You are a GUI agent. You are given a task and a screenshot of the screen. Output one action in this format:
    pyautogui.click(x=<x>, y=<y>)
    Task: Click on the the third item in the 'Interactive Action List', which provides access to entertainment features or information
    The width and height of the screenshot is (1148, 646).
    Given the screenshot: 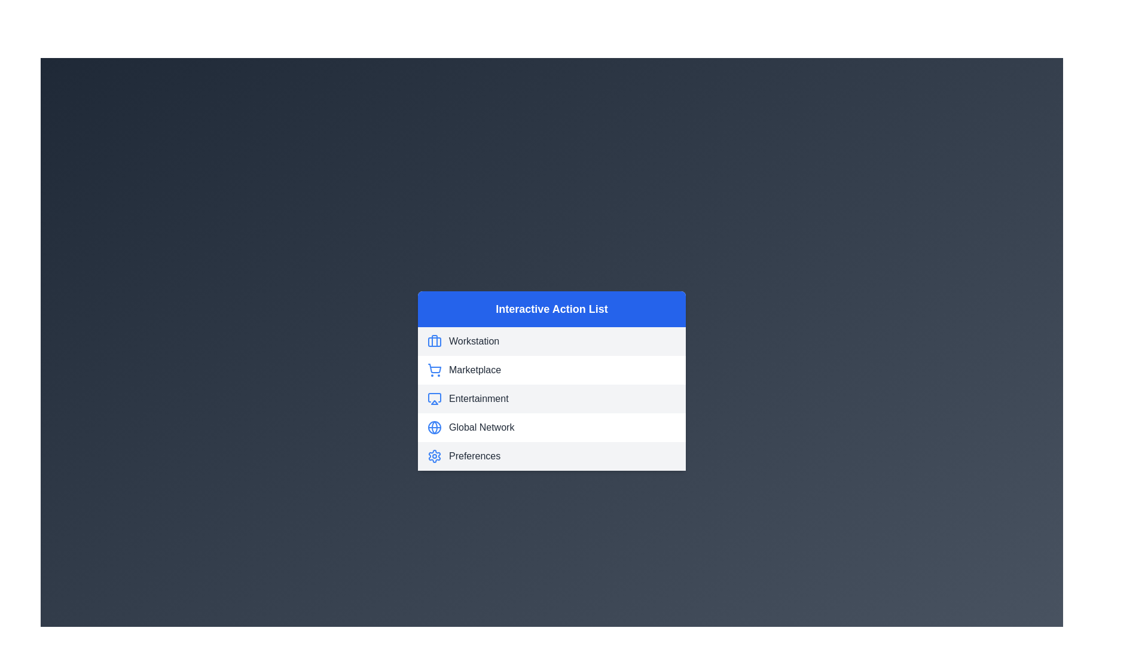 What is the action you would take?
    pyautogui.click(x=551, y=399)
    